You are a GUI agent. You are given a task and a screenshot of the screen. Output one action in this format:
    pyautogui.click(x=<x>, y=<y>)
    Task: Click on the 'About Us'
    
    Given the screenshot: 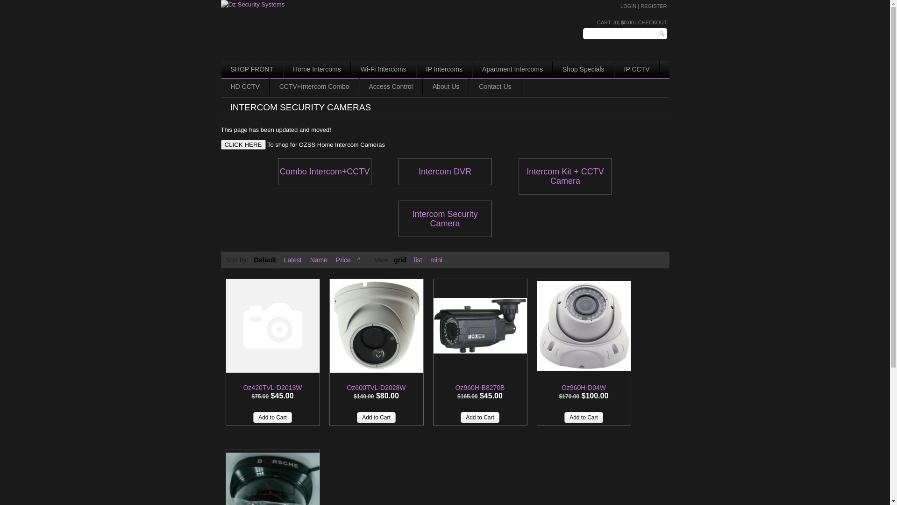 What is the action you would take?
    pyautogui.click(x=446, y=87)
    